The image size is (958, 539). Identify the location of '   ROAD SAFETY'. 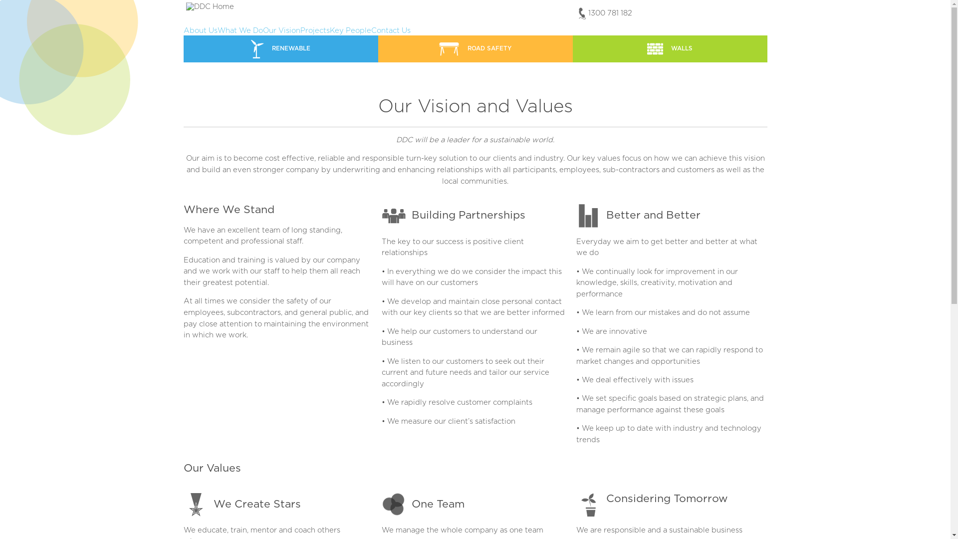
(475, 48).